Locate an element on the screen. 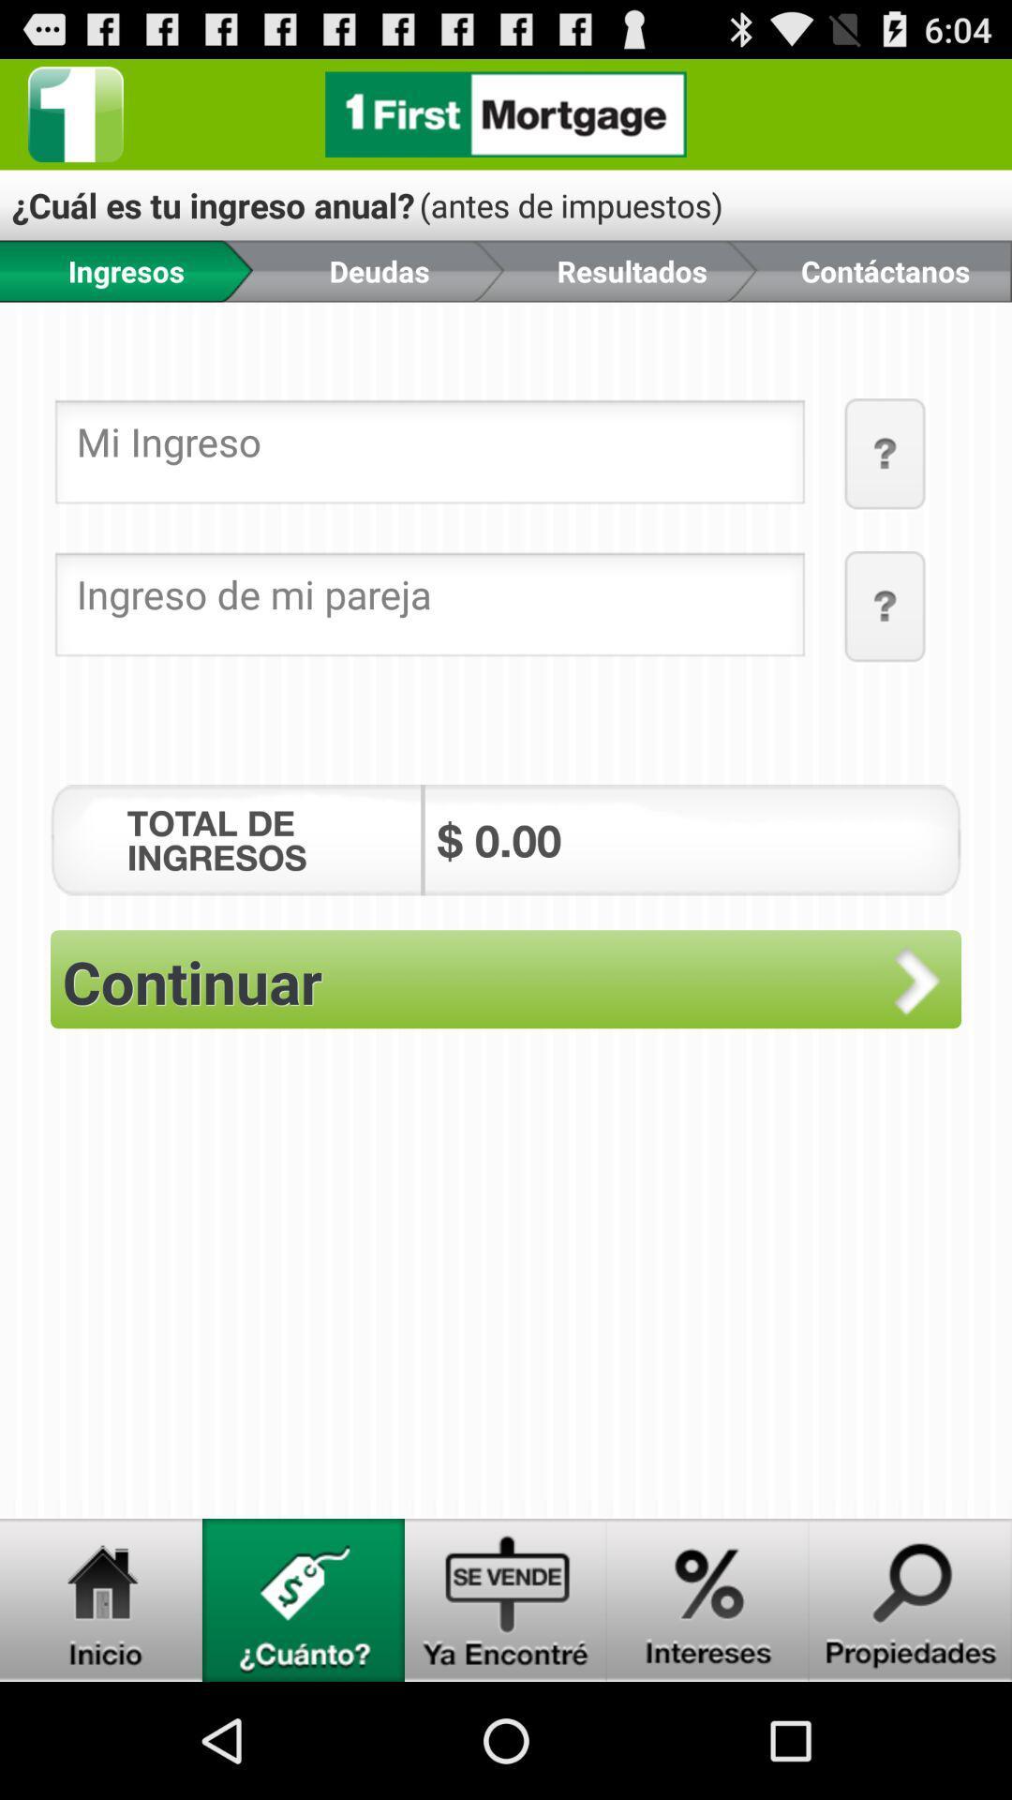 The width and height of the screenshot is (1012, 1800). the help icon is located at coordinates (885, 650).